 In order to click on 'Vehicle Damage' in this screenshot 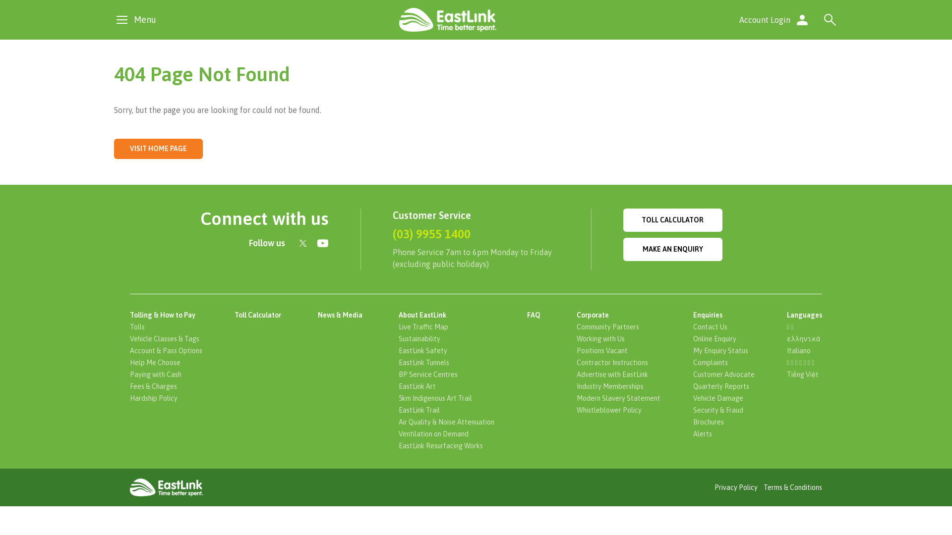, I will do `click(692, 397)`.